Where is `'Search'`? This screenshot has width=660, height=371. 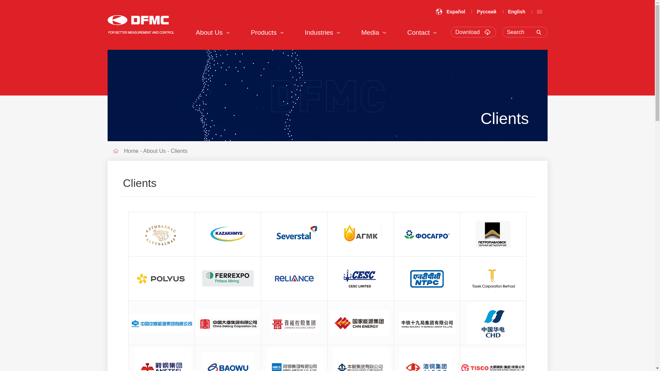
'Search' is located at coordinates (526, 32).